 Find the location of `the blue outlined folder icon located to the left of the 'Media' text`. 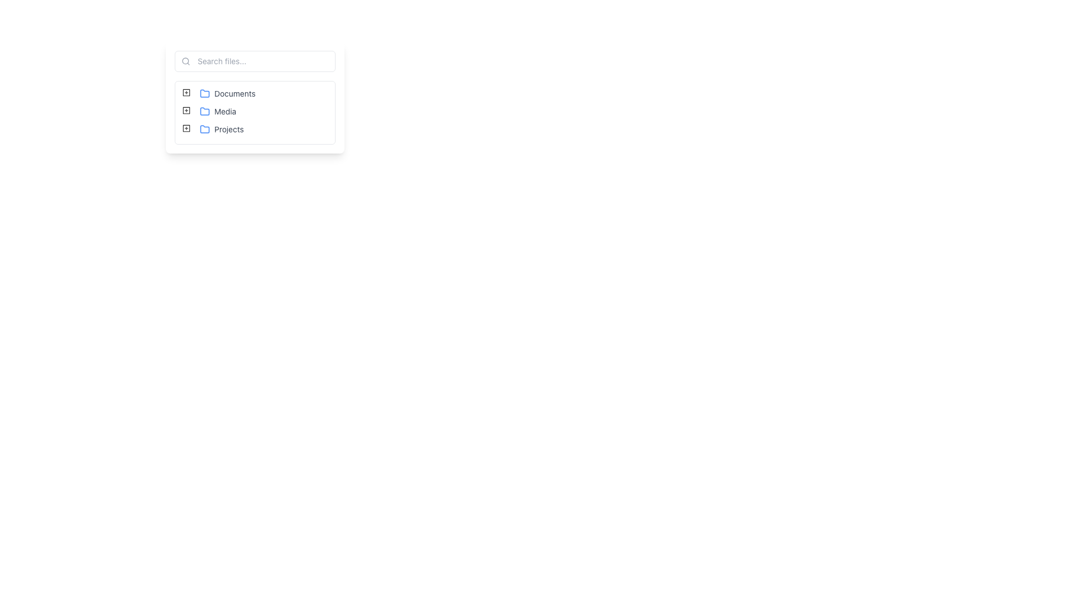

the blue outlined folder icon located to the left of the 'Media' text is located at coordinates (204, 112).